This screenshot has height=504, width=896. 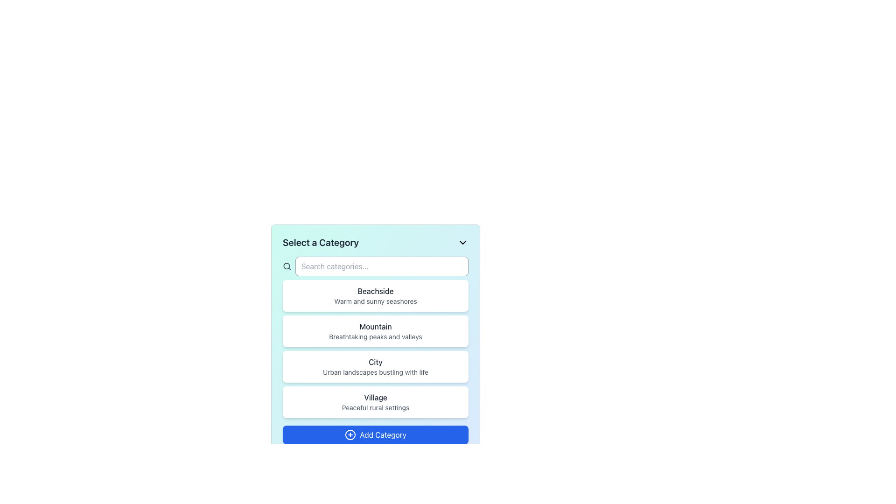 I want to click on the descriptive text label for the 'Beachside' selection option, which provides additional information about the choice, so click(x=376, y=301).